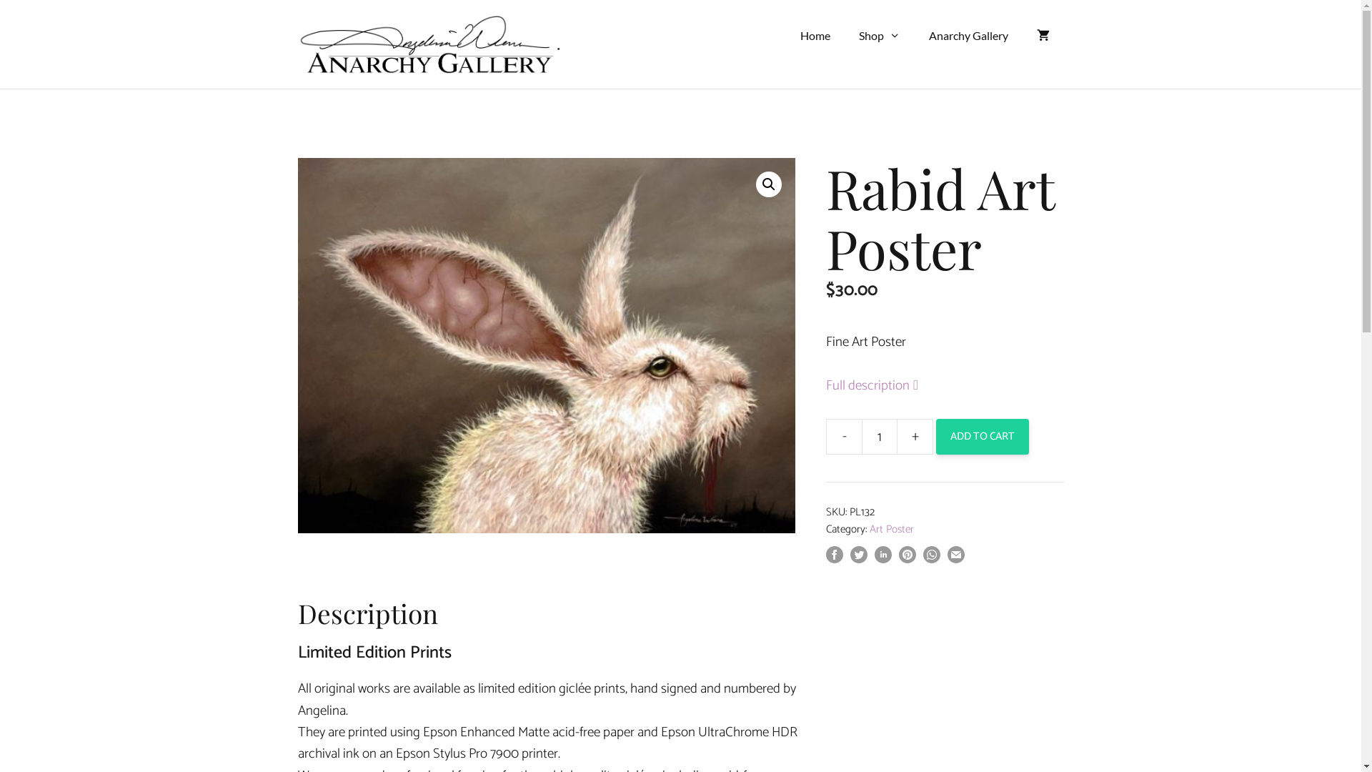  Describe the element at coordinates (932, 558) in the screenshot. I see `'Share this post!'` at that location.